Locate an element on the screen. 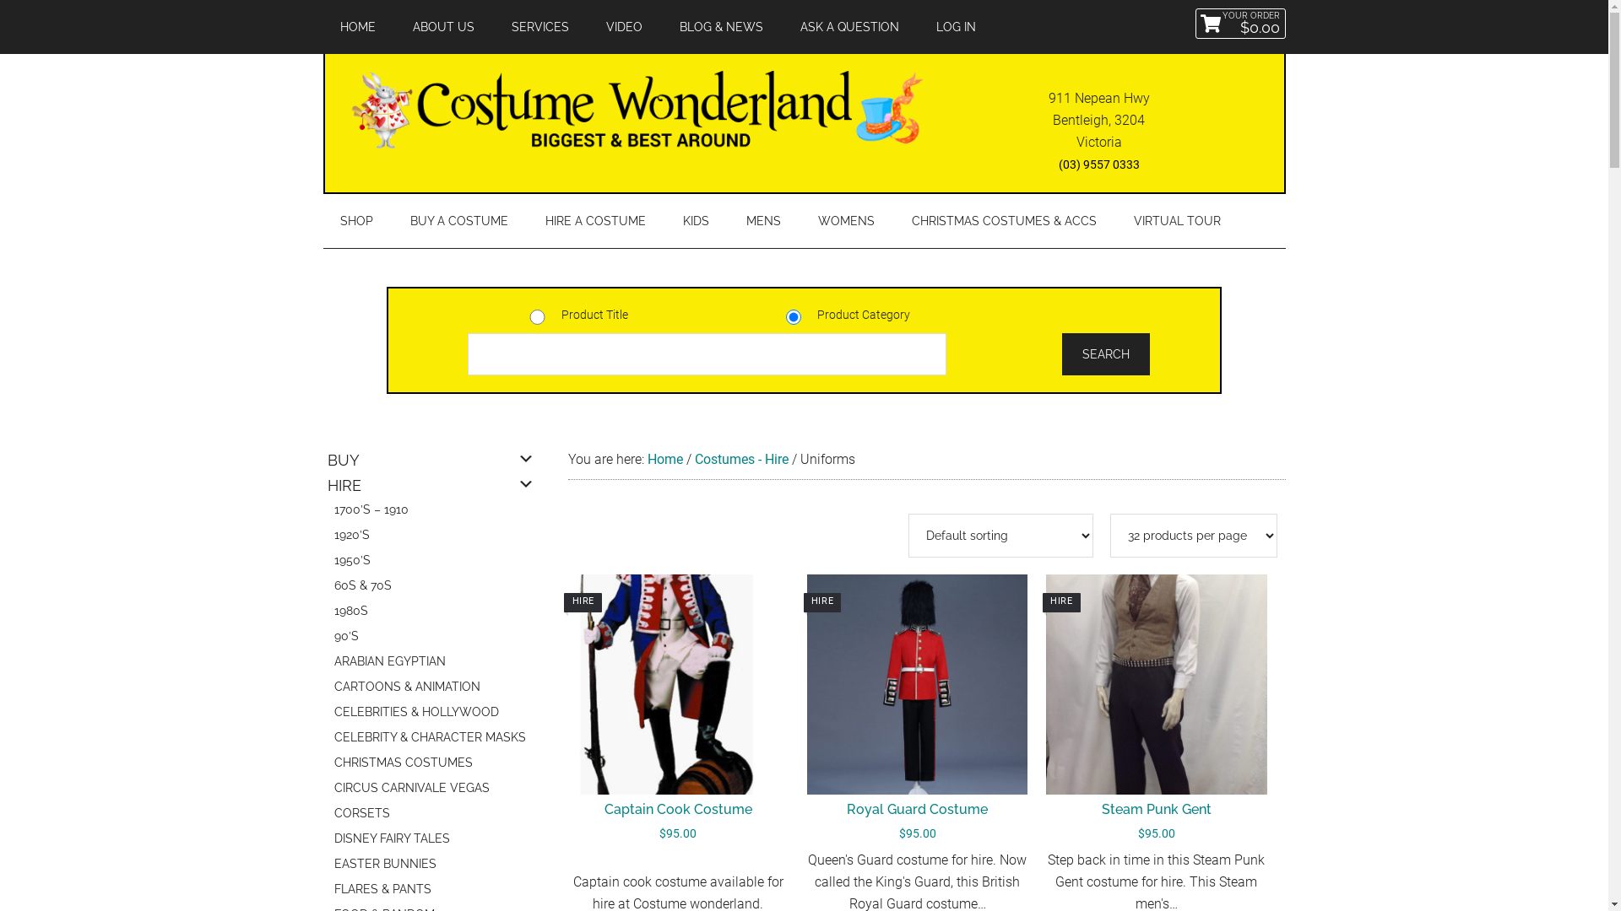  'Skip to main content' is located at coordinates (0, 0).